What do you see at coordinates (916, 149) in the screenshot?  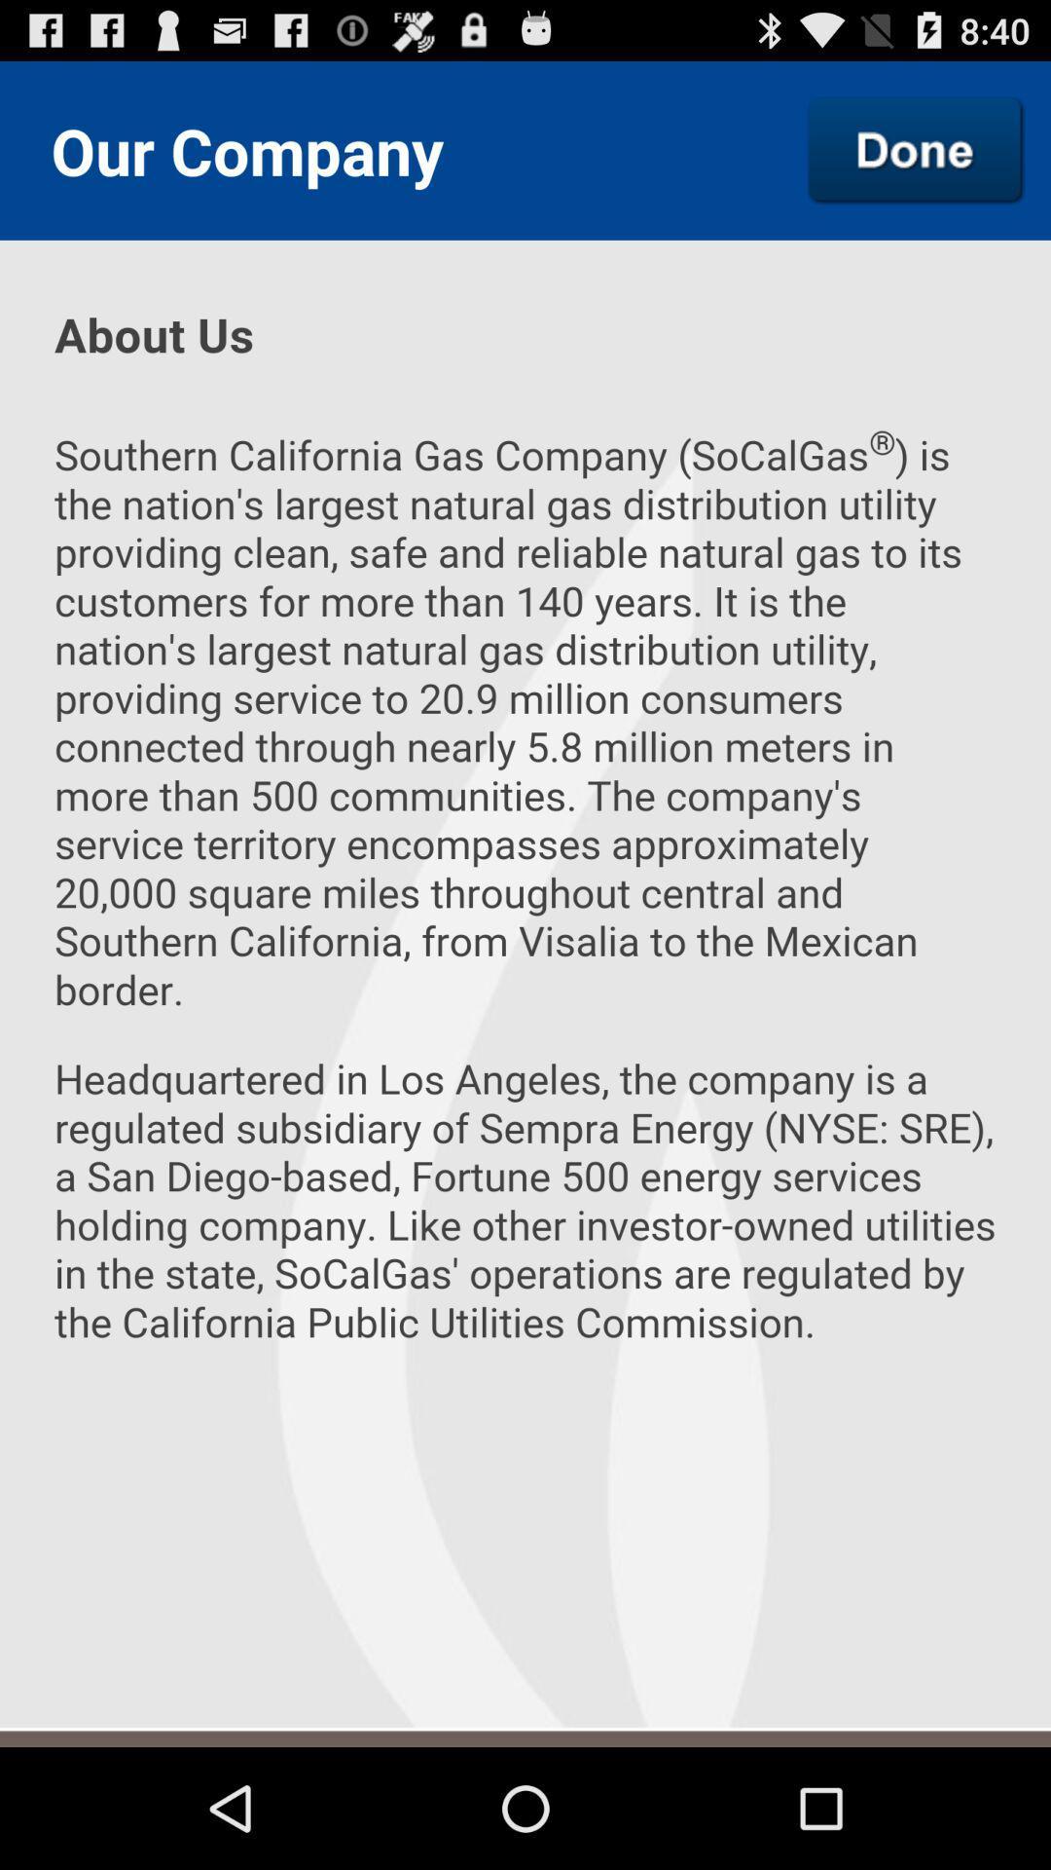 I see `button done` at bounding box center [916, 149].